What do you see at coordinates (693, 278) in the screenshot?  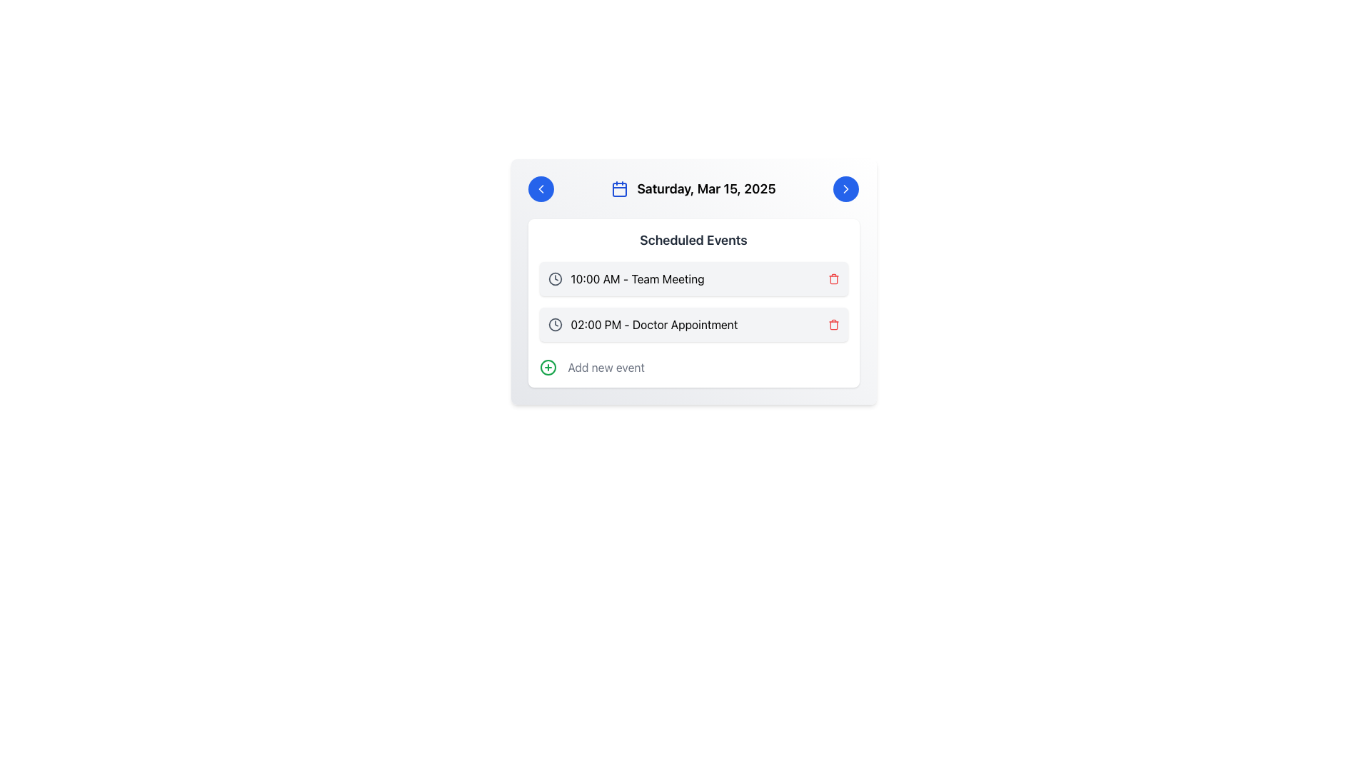 I see `the event text '10:00 AM - Team Meeting' in the first Event Entry element below the 'Scheduled Events' header` at bounding box center [693, 278].